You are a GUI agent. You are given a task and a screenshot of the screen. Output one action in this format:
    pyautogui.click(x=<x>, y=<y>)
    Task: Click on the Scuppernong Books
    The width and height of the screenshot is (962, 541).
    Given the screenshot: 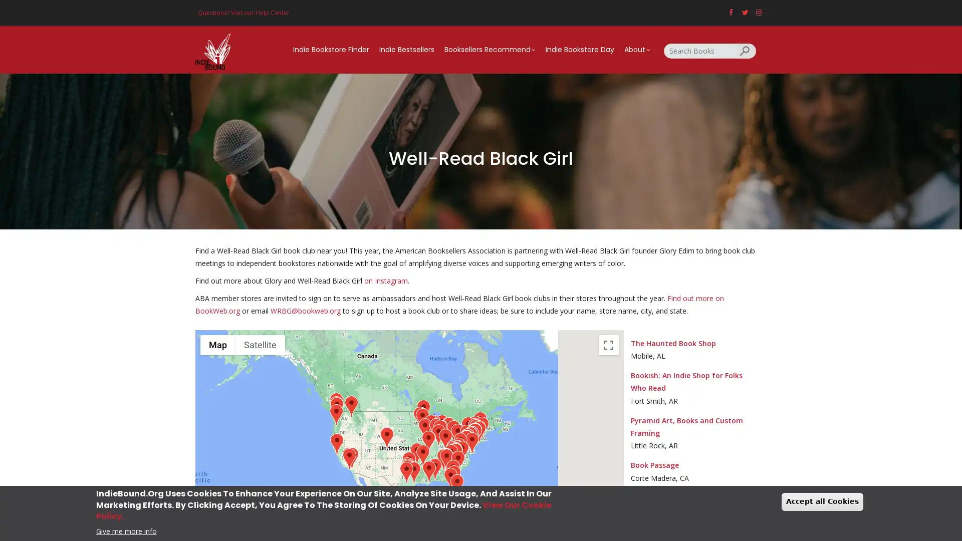 What is the action you would take?
    pyautogui.click(x=457, y=450)
    